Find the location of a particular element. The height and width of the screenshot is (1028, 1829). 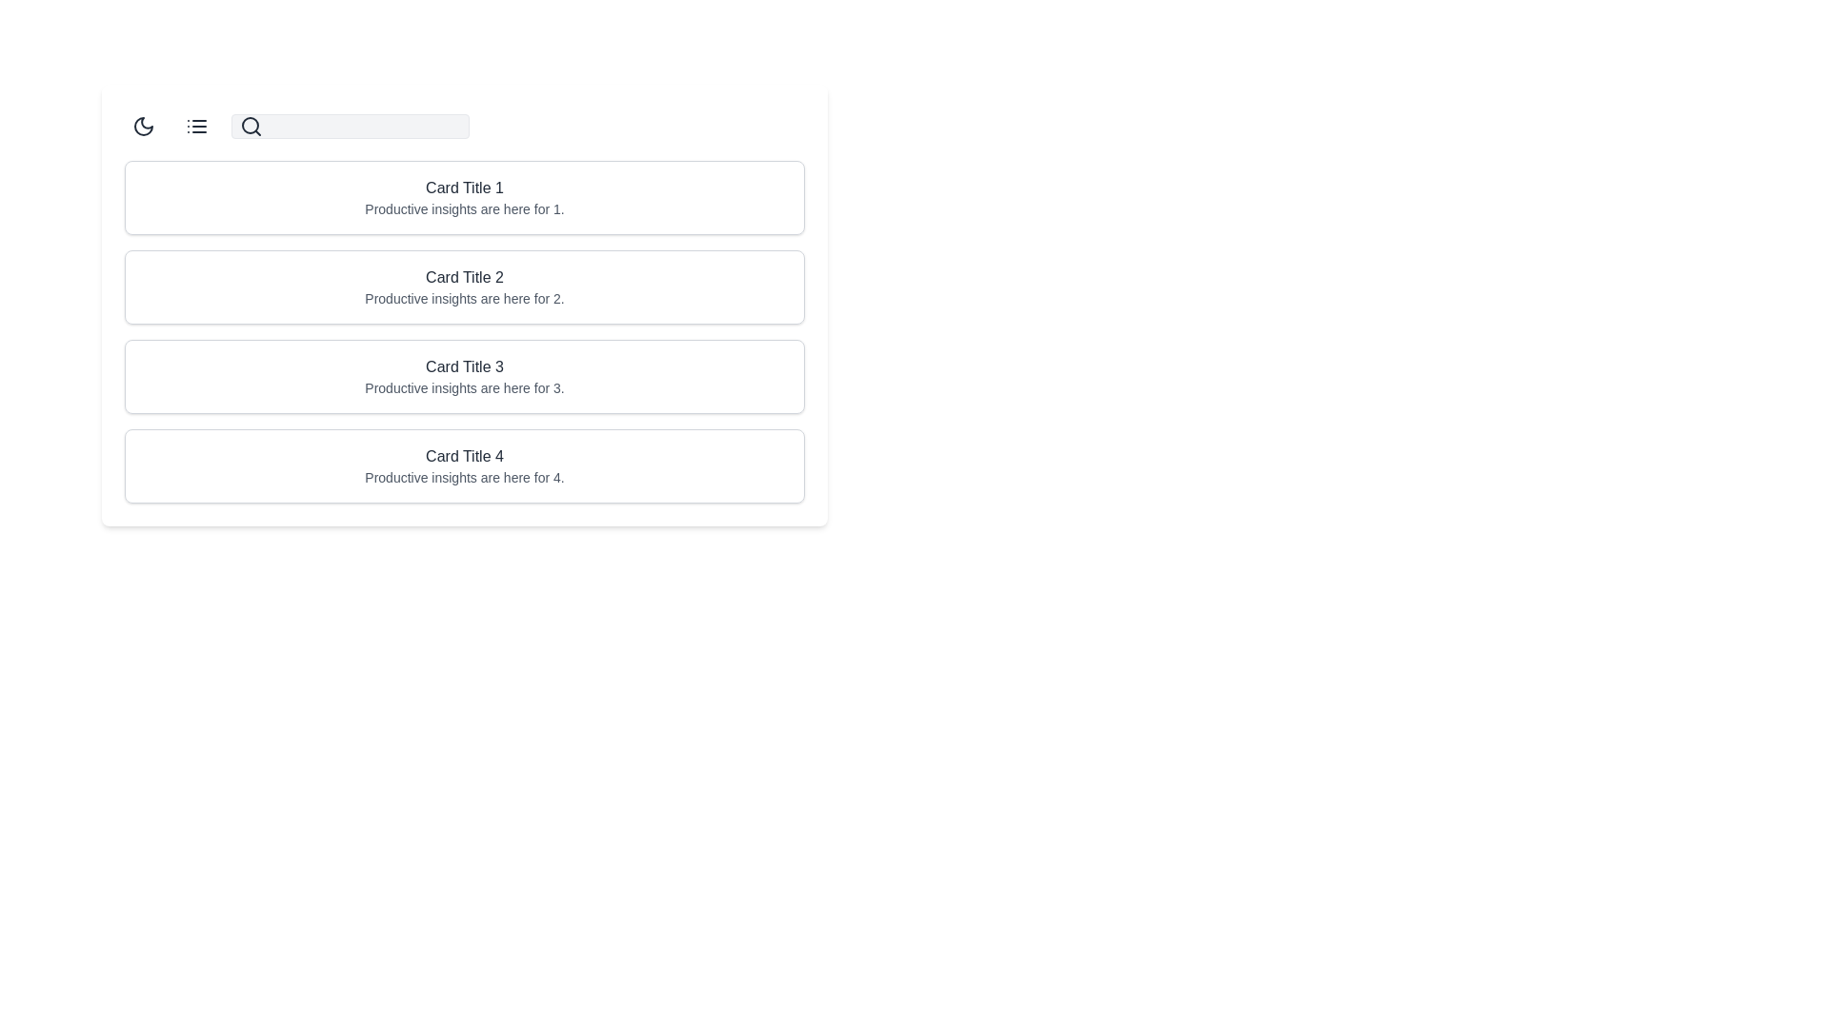

the static text reading 'Productive insights are here for 3.' which is styled in a small gray font and located below the title 'Card Title 3' in the third card of a vertical list is located at coordinates (465, 387).